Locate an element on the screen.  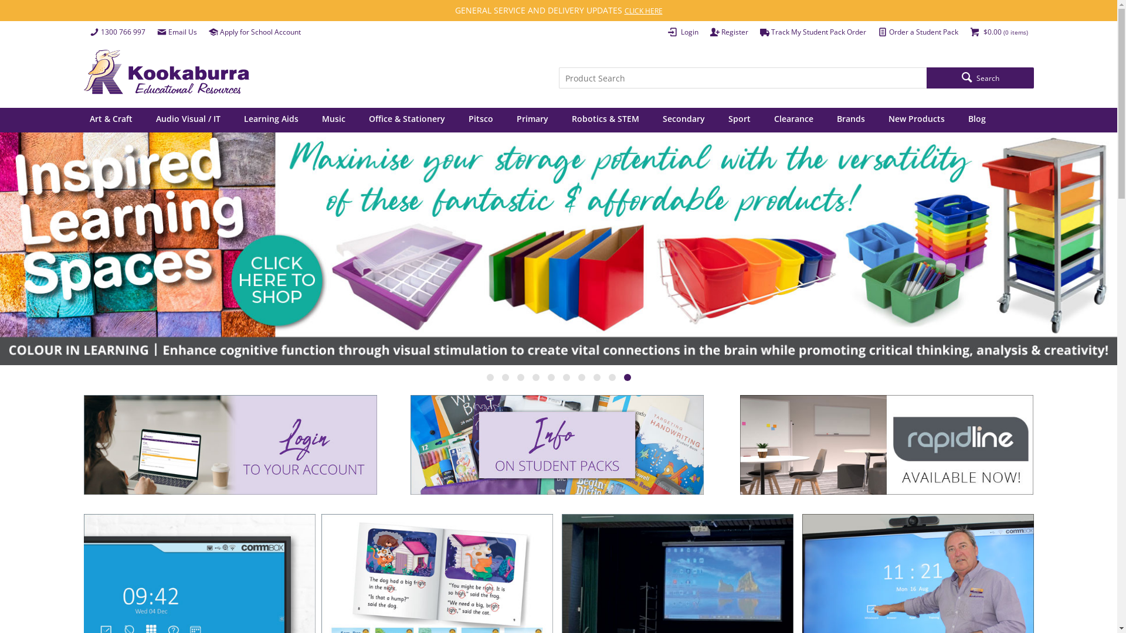
'Sport' is located at coordinates (738, 120).